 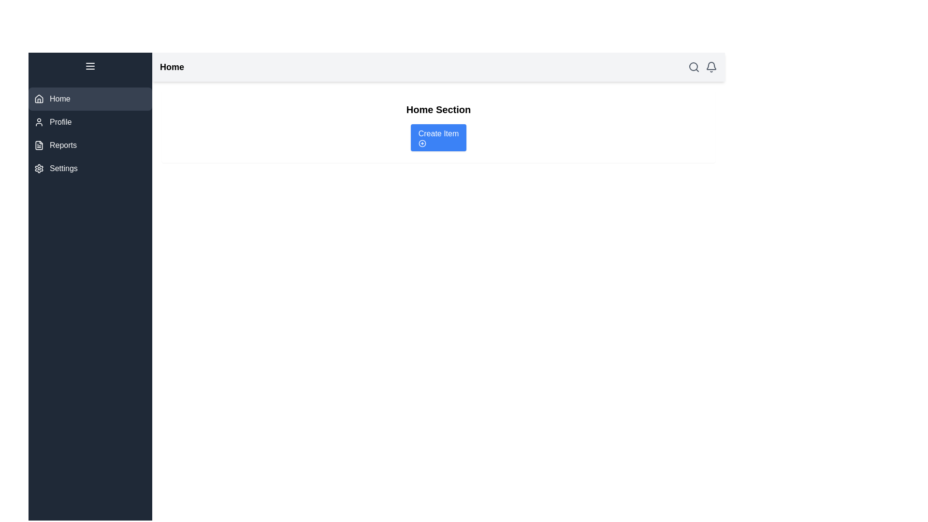 What do you see at coordinates (39, 145) in the screenshot?
I see `the graphical icon resembling a document located in the sidebar menu adjacent to the text 'Reports'` at bounding box center [39, 145].